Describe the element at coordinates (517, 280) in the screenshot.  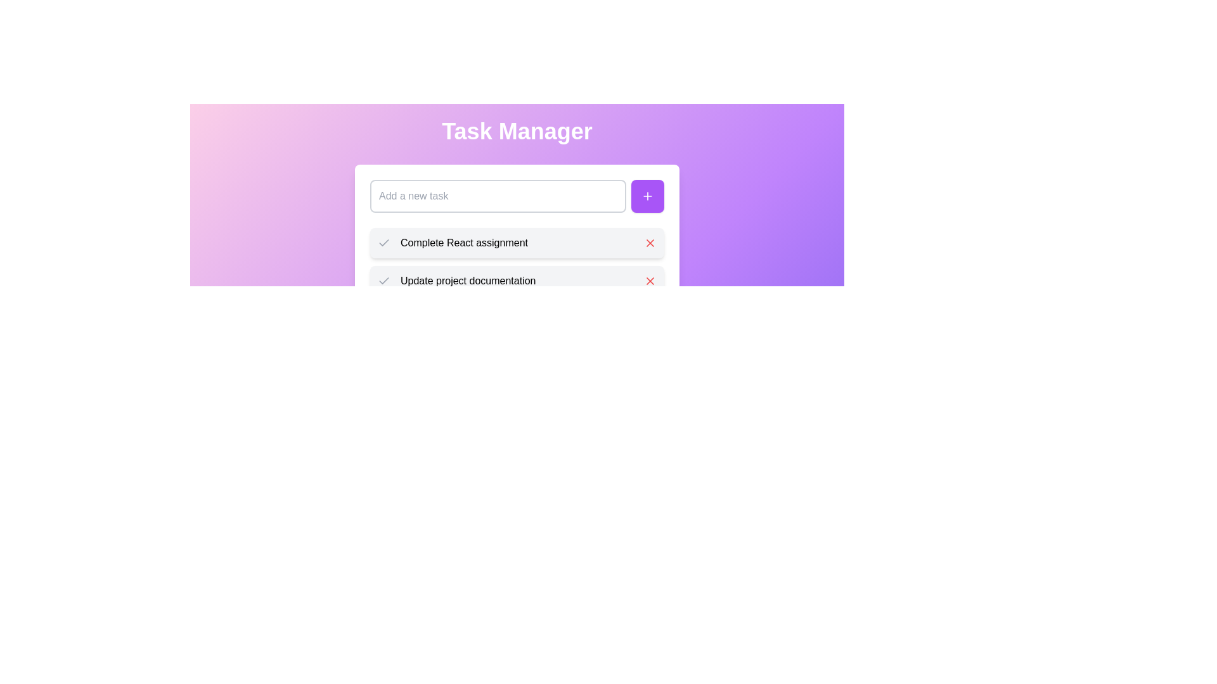
I see `the task item with the text 'Update project documentation' in the task manager interface` at that location.